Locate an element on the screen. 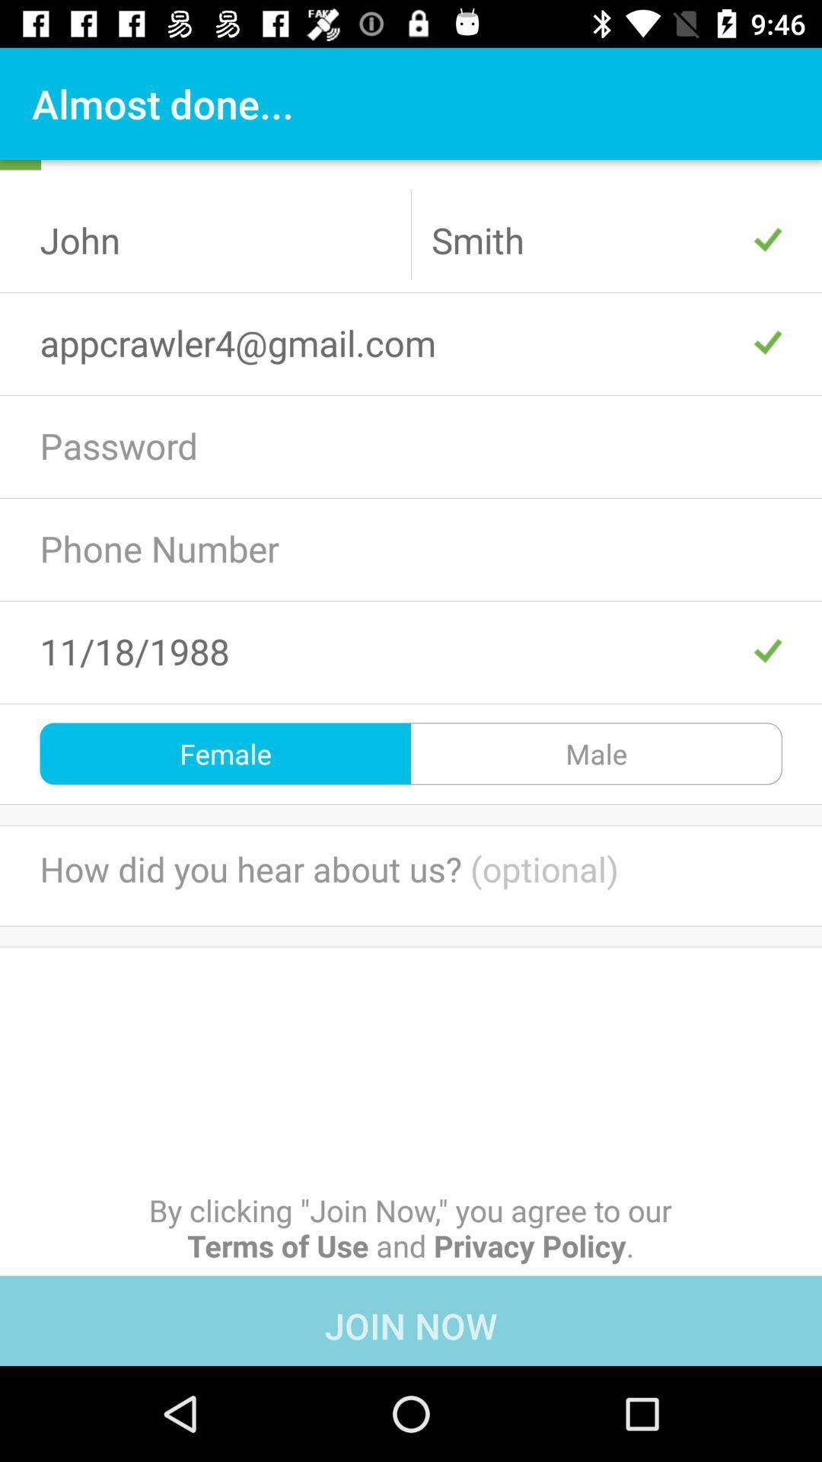 This screenshot has width=822, height=1462. the row which is below the phone number is located at coordinates (411, 651).